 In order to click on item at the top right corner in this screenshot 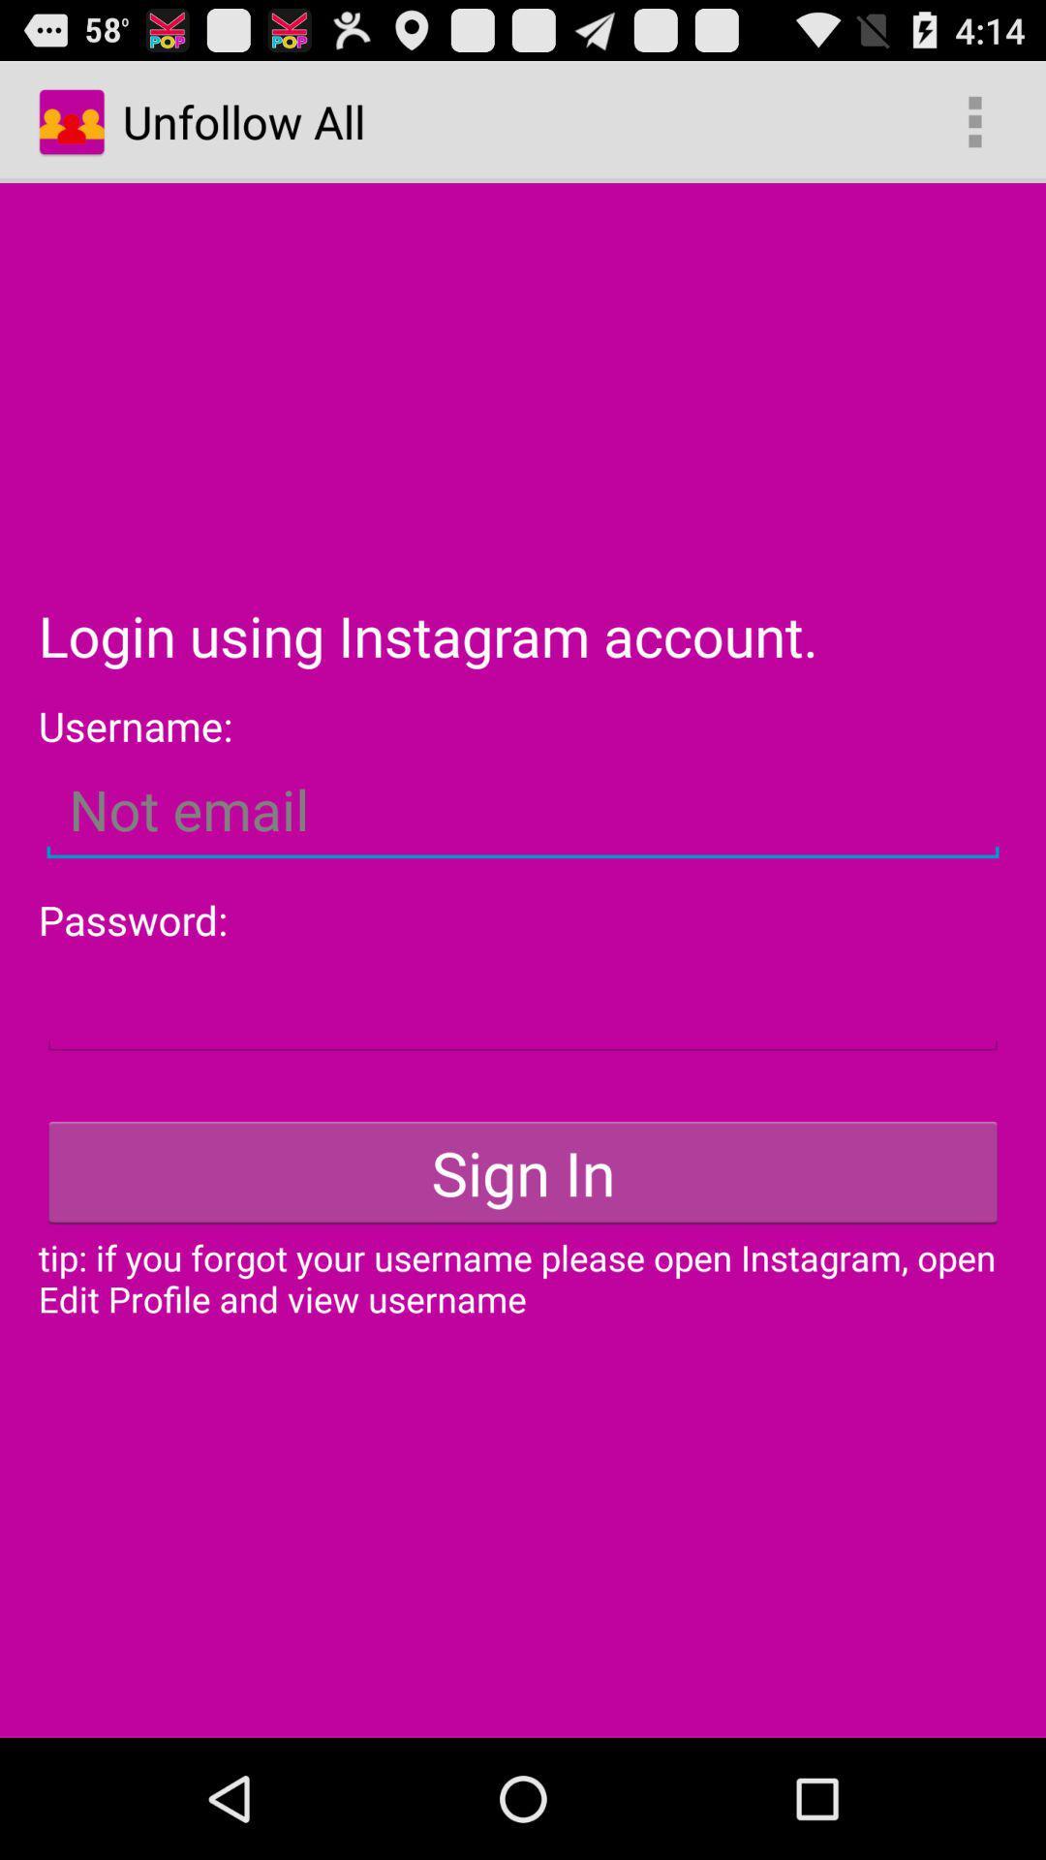, I will do `click(974, 120)`.